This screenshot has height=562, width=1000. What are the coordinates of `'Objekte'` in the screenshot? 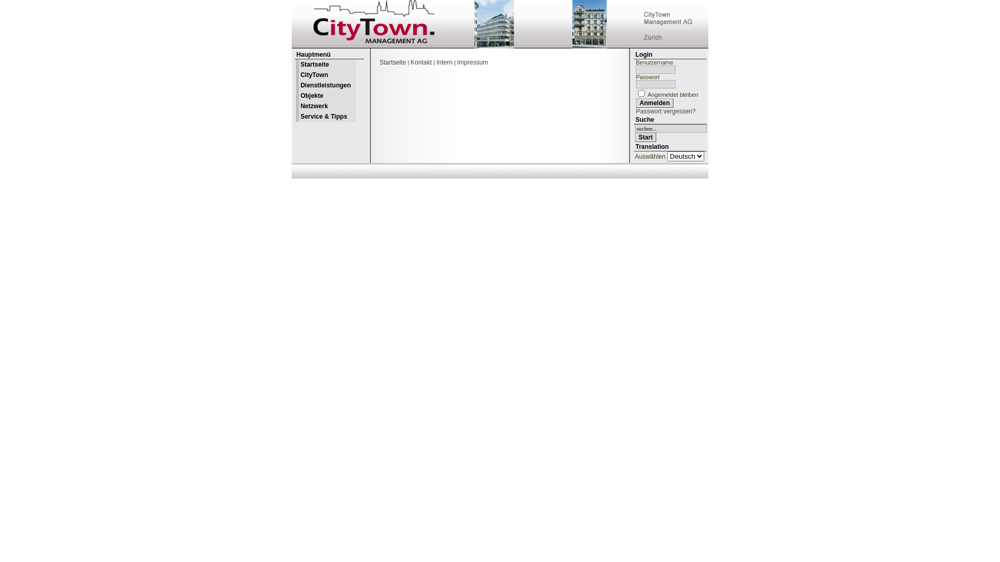 It's located at (325, 96).